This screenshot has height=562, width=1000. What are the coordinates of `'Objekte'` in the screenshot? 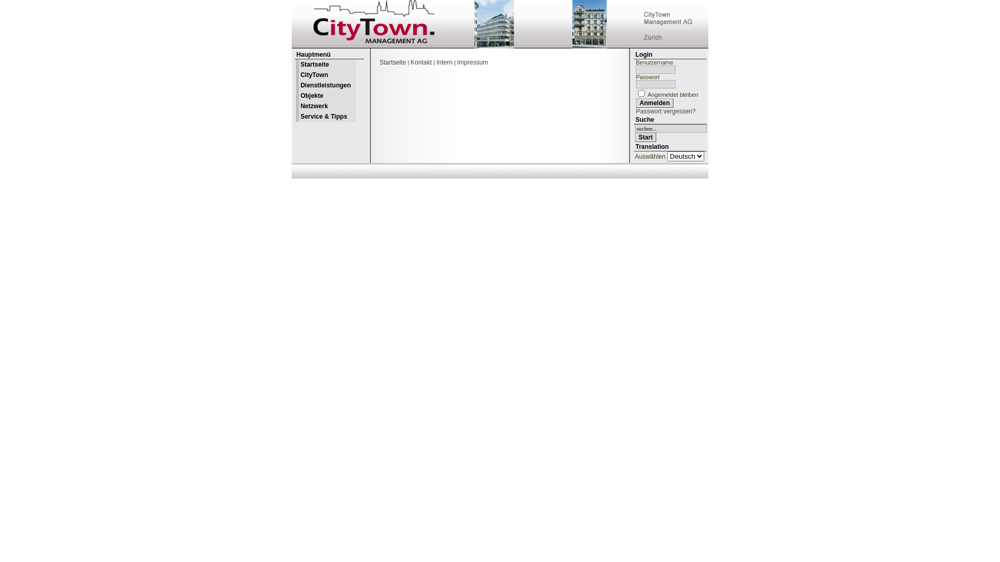 It's located at (325, 96).